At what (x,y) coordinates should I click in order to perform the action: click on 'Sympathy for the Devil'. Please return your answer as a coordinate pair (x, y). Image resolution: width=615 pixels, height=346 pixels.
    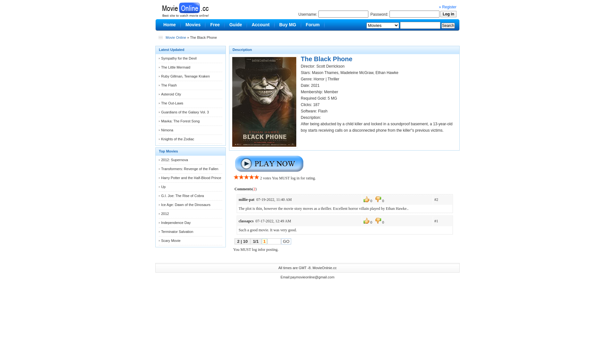
    Looking at the image, I should click on (161, 58).